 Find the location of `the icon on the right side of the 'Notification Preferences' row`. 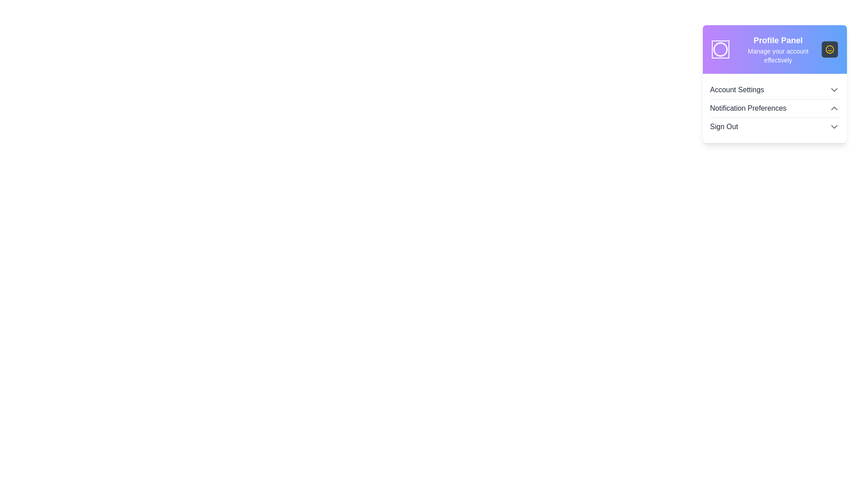

the icon on the right side of the 'Notification Preferences' row is located at coordinates (834, 108).